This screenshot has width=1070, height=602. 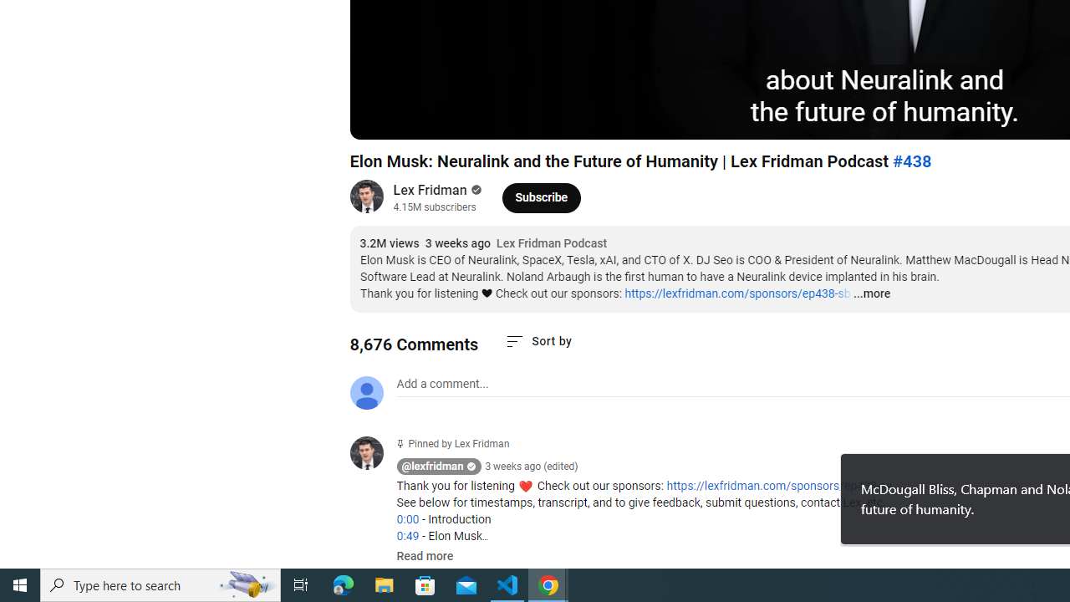 I want to click on 'Lex Fridman Podcast', so click(x=552, y=243).